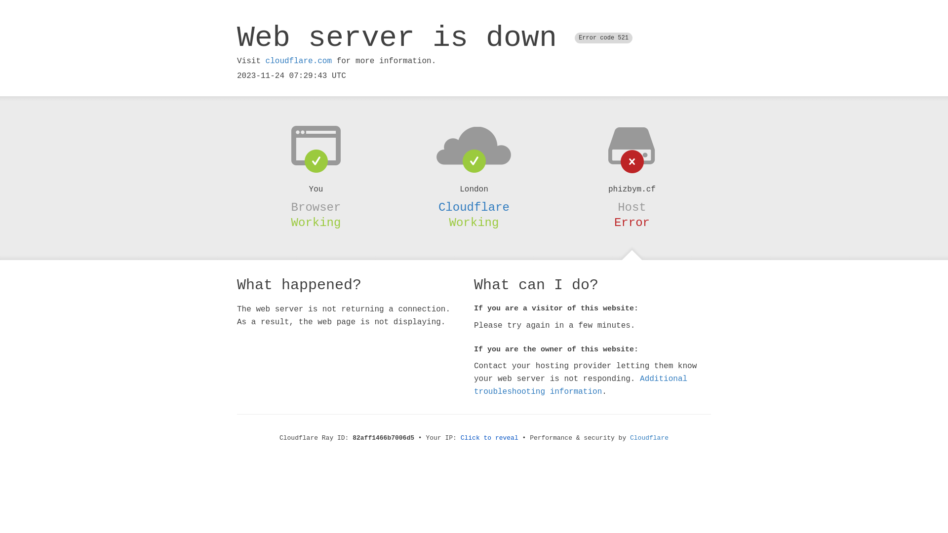 This screenshot has height=533, width=948. What do you see at coordinates (474, 207) in the screenshot?
I see `'Cloudflare'` at bounding box center [474, 207].